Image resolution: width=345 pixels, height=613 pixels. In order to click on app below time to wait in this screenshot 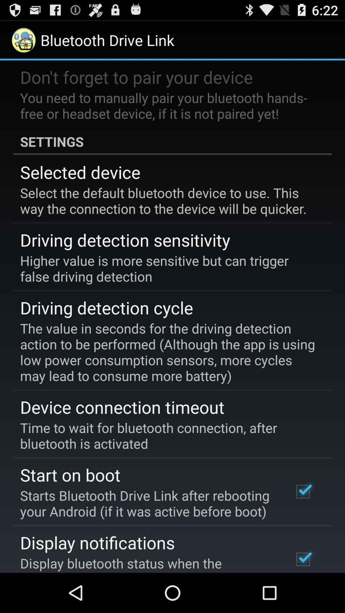, I will do `click(70, 474)`.